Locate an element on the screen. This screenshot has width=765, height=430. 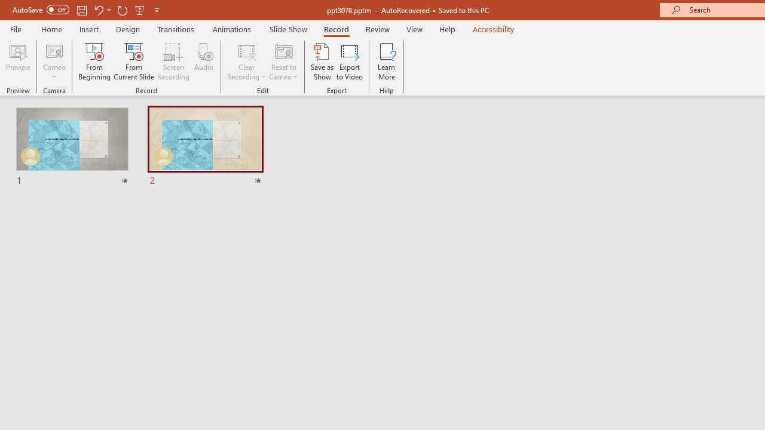
'Clear Recording' is located at coordinates (246, 62).